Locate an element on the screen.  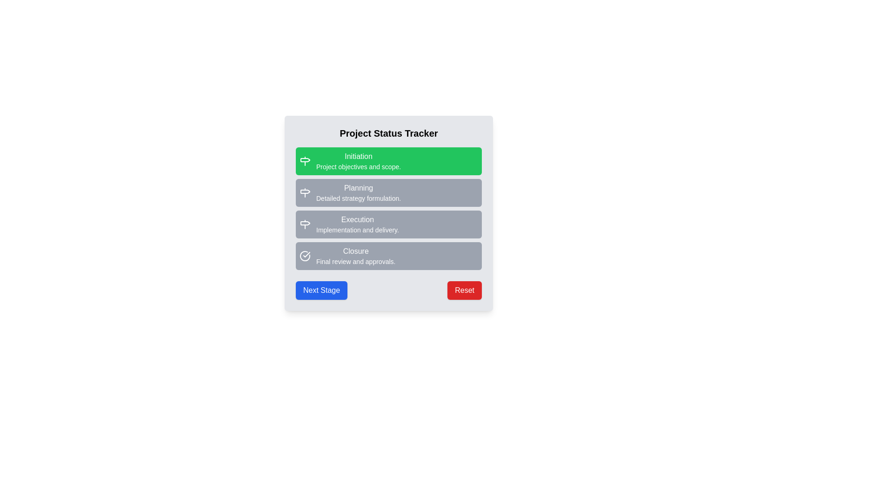
the text label indicating the 'Closure' stage of the project tracker is located at coordinates (355, 251).